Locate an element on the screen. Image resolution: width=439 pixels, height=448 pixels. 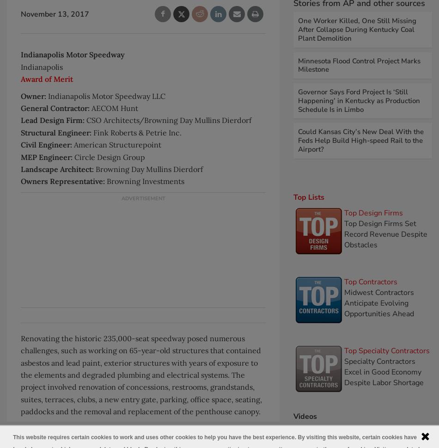
'Top Design Firms' is located at coordinates (373, 212).